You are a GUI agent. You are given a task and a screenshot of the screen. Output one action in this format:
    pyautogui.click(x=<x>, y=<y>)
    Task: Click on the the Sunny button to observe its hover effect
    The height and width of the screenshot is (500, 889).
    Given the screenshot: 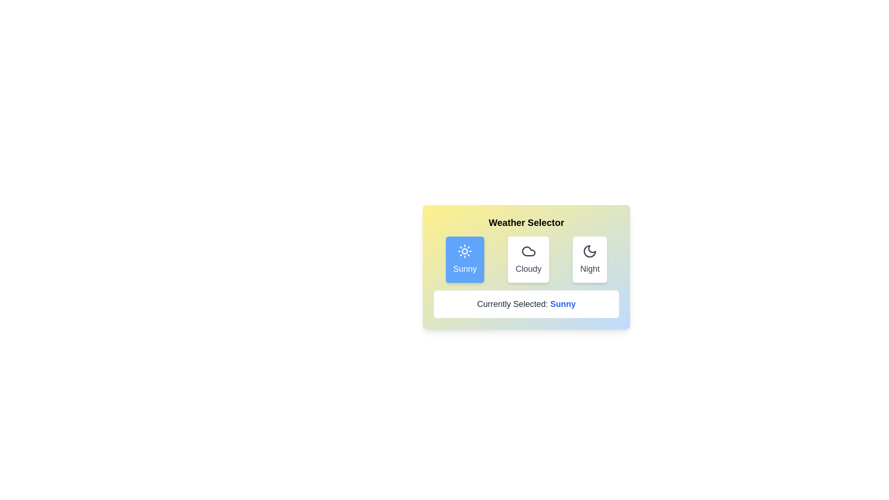 What is the action you would take?
    pyautogui.click(x=465, y=259)
    